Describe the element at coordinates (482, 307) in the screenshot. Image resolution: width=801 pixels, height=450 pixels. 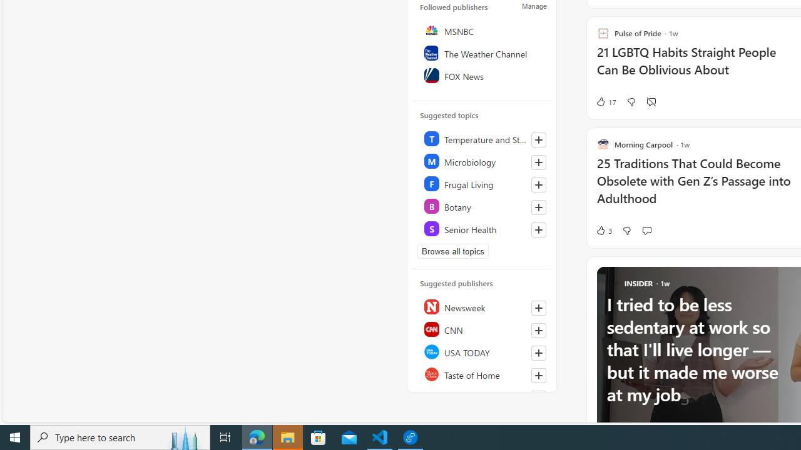
I see `'Newsweek'` at that location.